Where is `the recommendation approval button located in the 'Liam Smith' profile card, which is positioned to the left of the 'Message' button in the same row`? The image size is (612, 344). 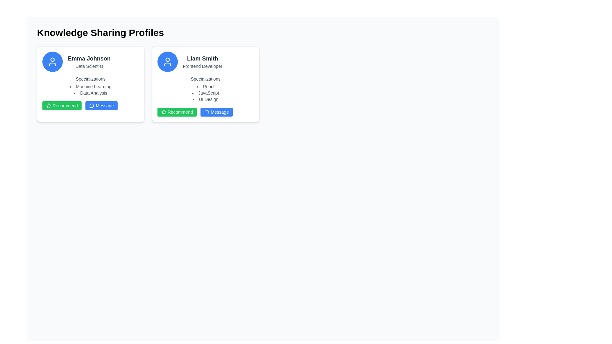
the recommendation approval button located in the 'Liam Smith' profile card, which is positioned to the left of the 'Message' button in the same row is located at coordinates (177, 111).